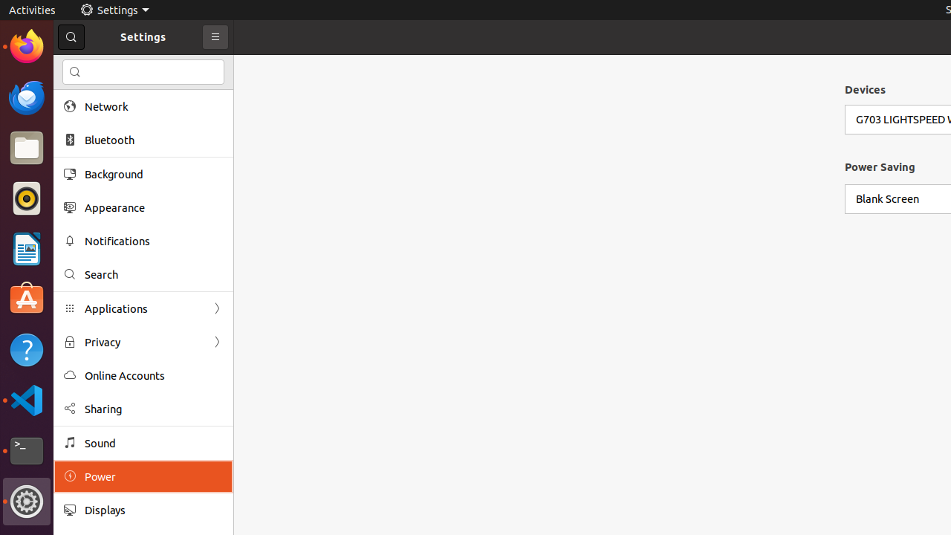 The width and height of the screenshot is (951, 535). I want to click on 'edit-find-symbolic', so click(74, 71).